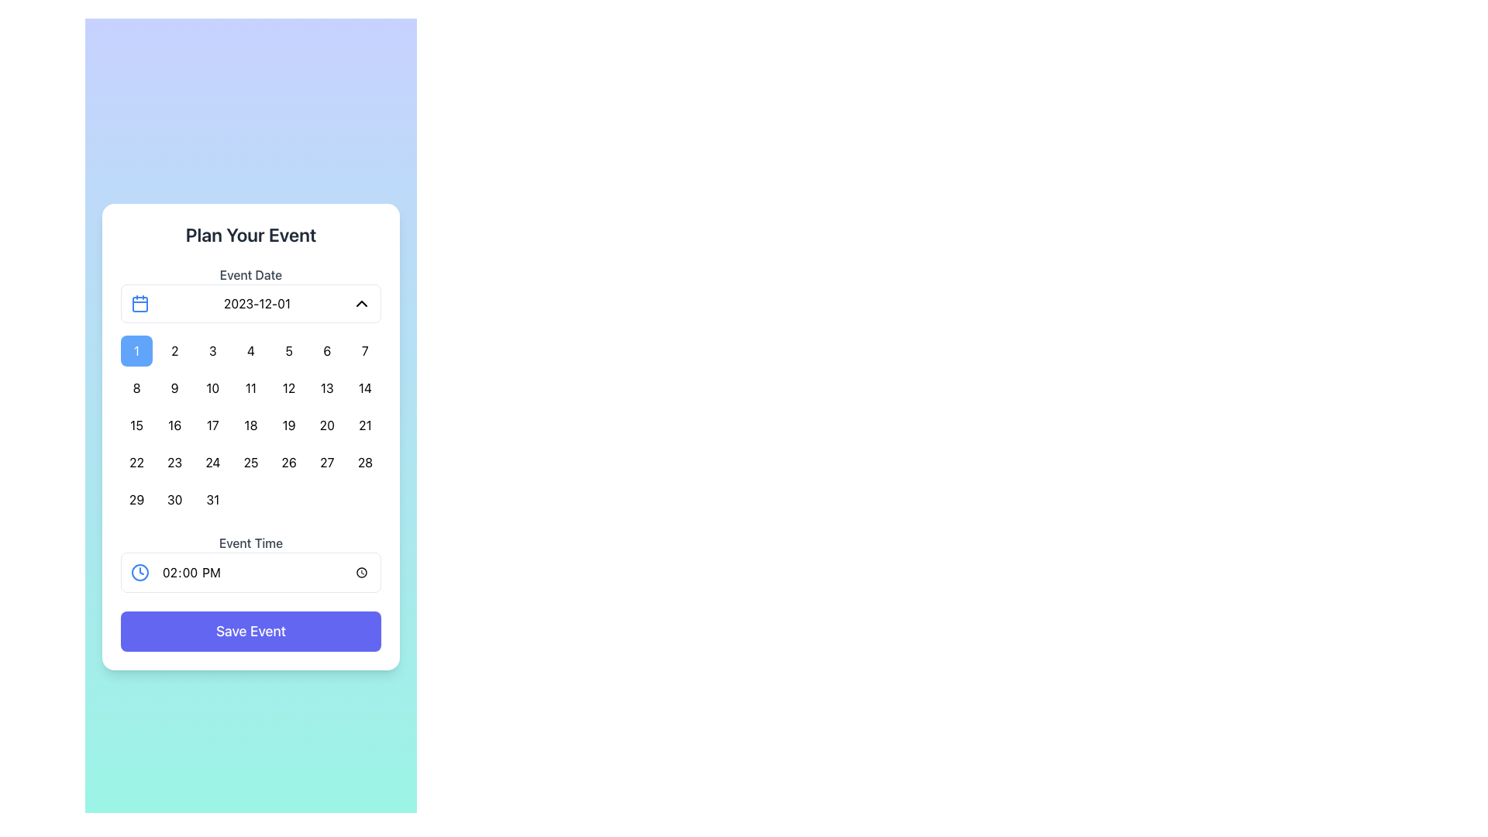 Image resolution: width=1488 pixels, height=837 pixels. What do you see at coordinates (212, 387) in the screenshot?
I see `the square-shaped button with rounded corners displaying the number '10'` at bounding box center [212, 387].